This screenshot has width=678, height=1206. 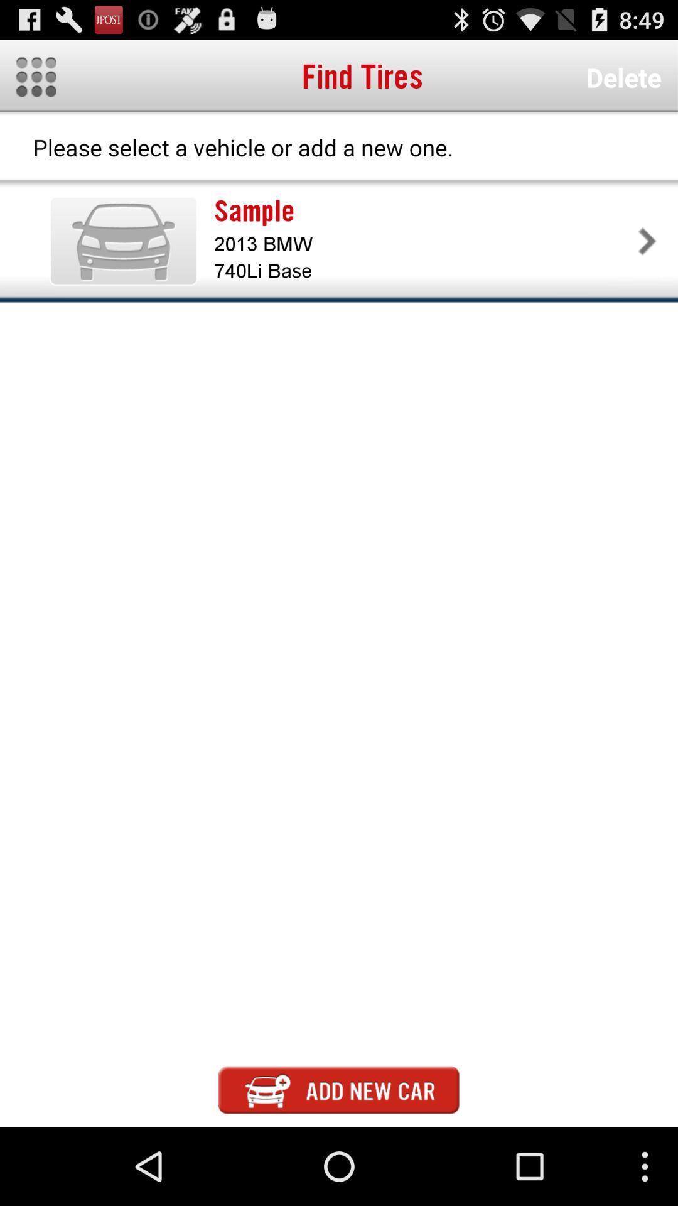 I want to click on the app to the left of sample app, so click(x=123, y=241).